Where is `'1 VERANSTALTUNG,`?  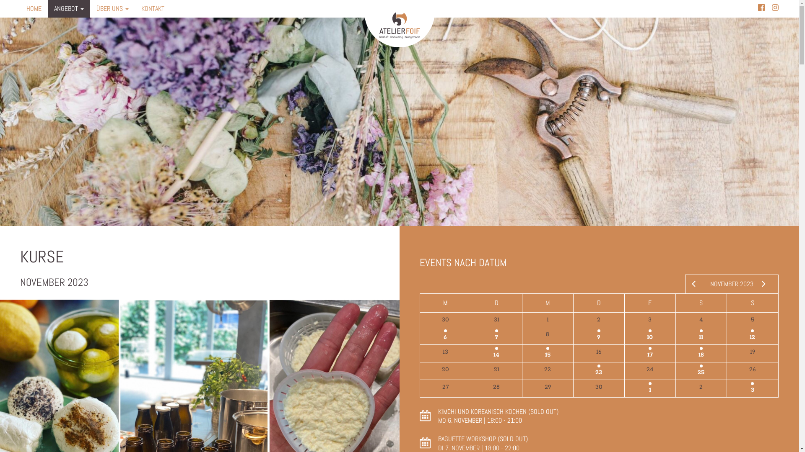 '1 VERANSTALTUNG, is located at coordinates (496, 335).